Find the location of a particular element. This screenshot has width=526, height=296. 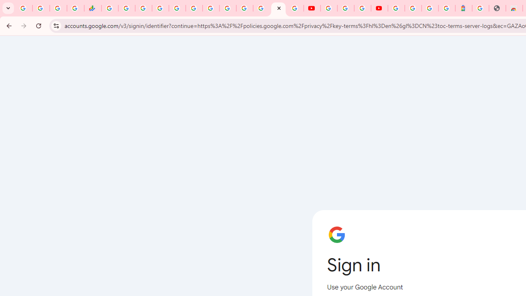

'Atour Hotel - Google hotels' is located at coordinates (464, 8).